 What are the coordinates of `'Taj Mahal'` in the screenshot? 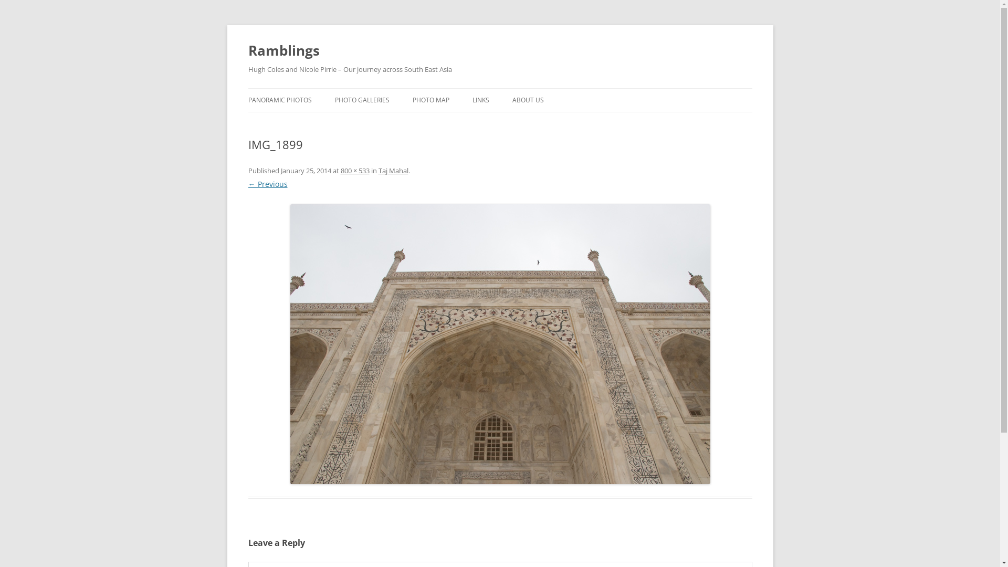 It's located at (378, 170).